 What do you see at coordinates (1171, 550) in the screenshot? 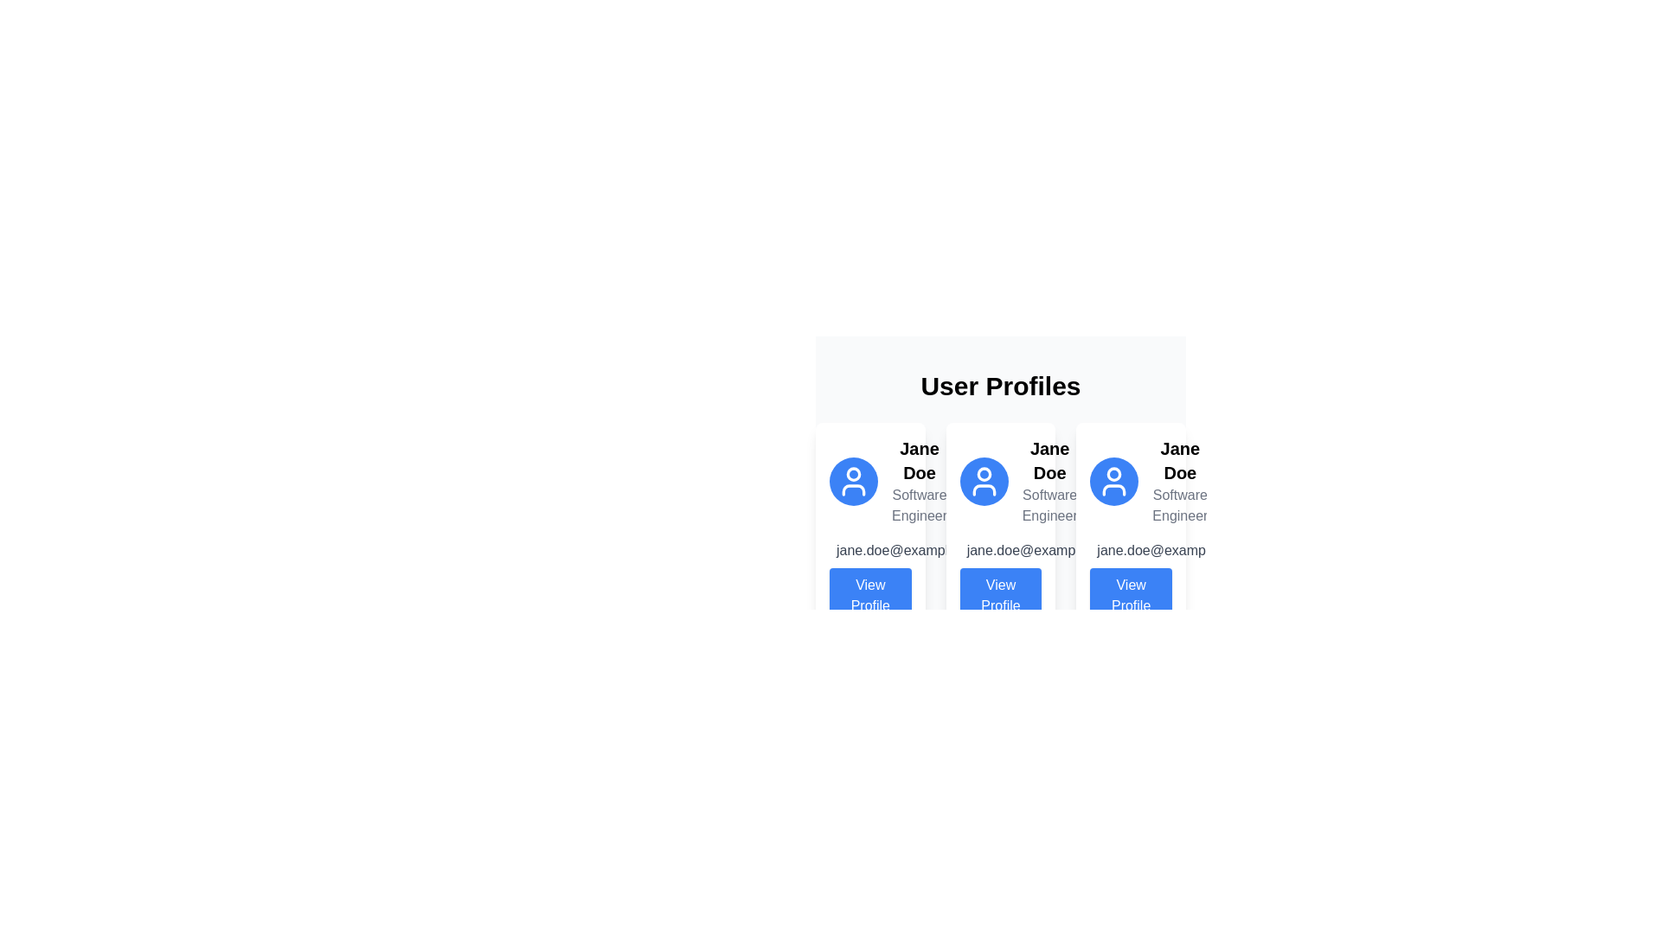
I see `the static text element displaying 'jane.doe@example.com' located in the third user profile card, below the name 'Jane Doe' and title 'Software Engineer'` at bounding box center [1171, 550].